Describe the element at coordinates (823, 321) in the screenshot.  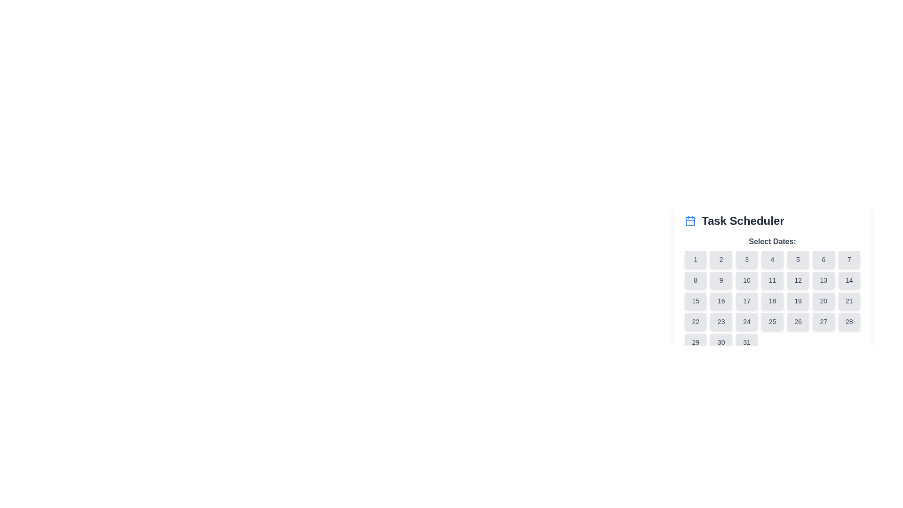
I see `the selectable date button located in the sixth row and sixth column of the calendar component` at that location.